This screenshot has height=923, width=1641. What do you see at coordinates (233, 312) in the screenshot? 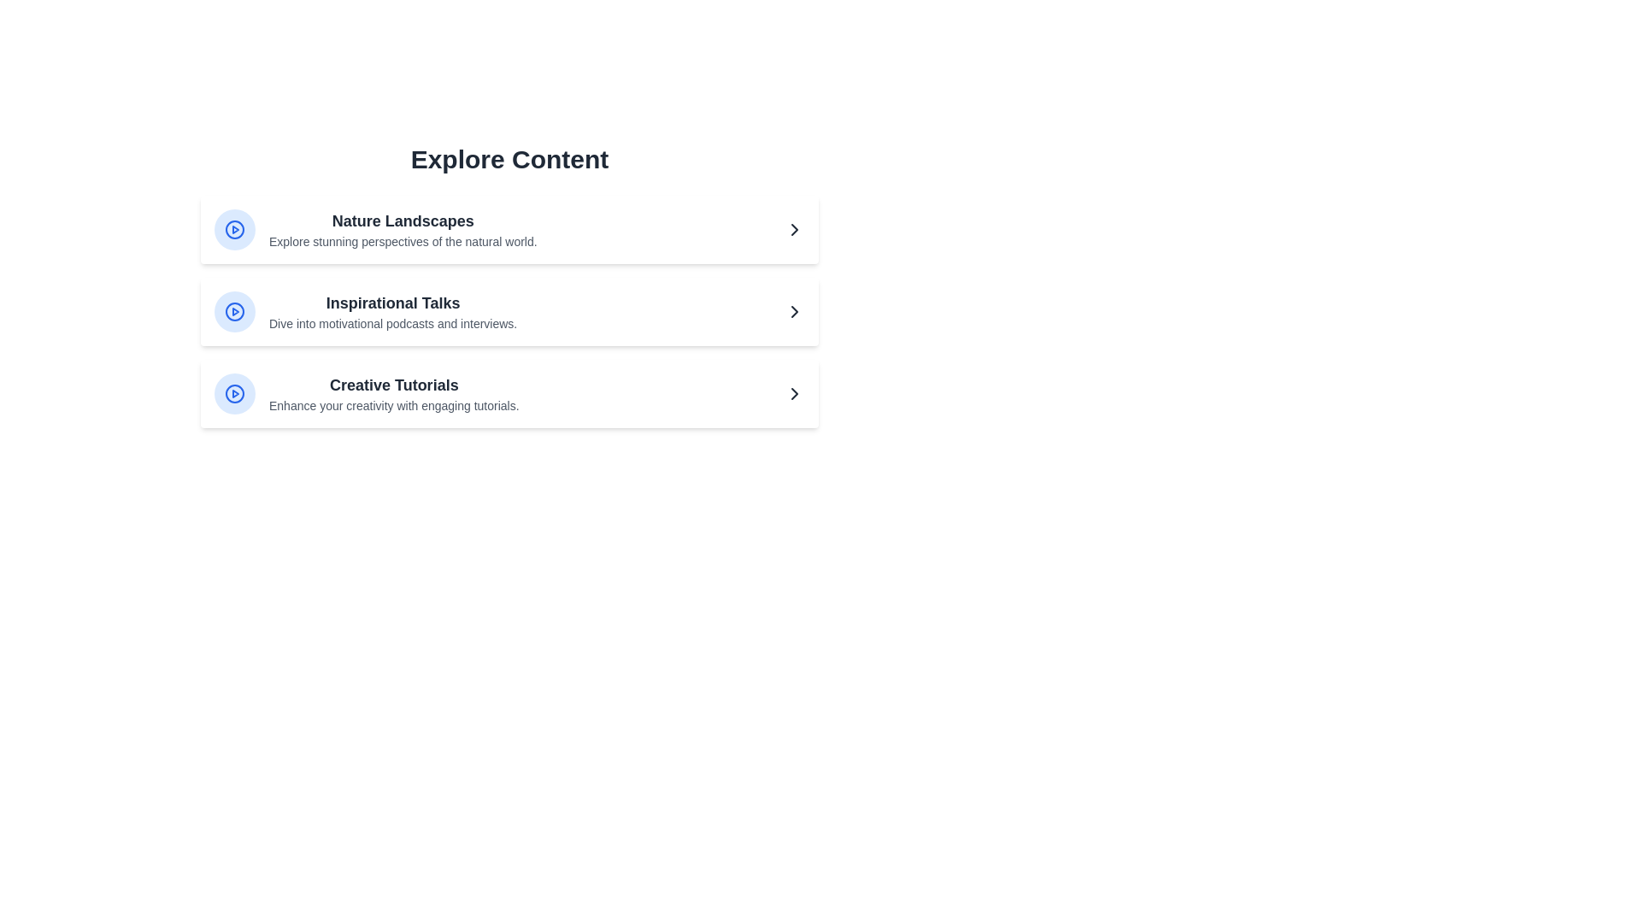
I see `the play button for the content item titled 'Inspirational Talks'` at bounding box center [233, 312].